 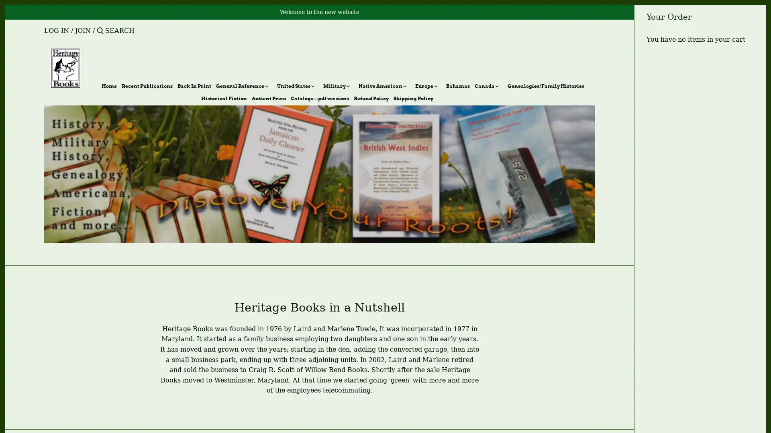 What do you see at coordinates (100, 30) in the screenshot?
I see `Submit` at bounding box center [100, 30].